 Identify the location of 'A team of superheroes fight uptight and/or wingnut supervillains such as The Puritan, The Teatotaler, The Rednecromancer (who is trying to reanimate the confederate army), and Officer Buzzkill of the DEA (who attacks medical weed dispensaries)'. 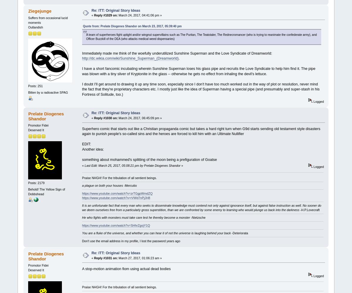
(86, 37).